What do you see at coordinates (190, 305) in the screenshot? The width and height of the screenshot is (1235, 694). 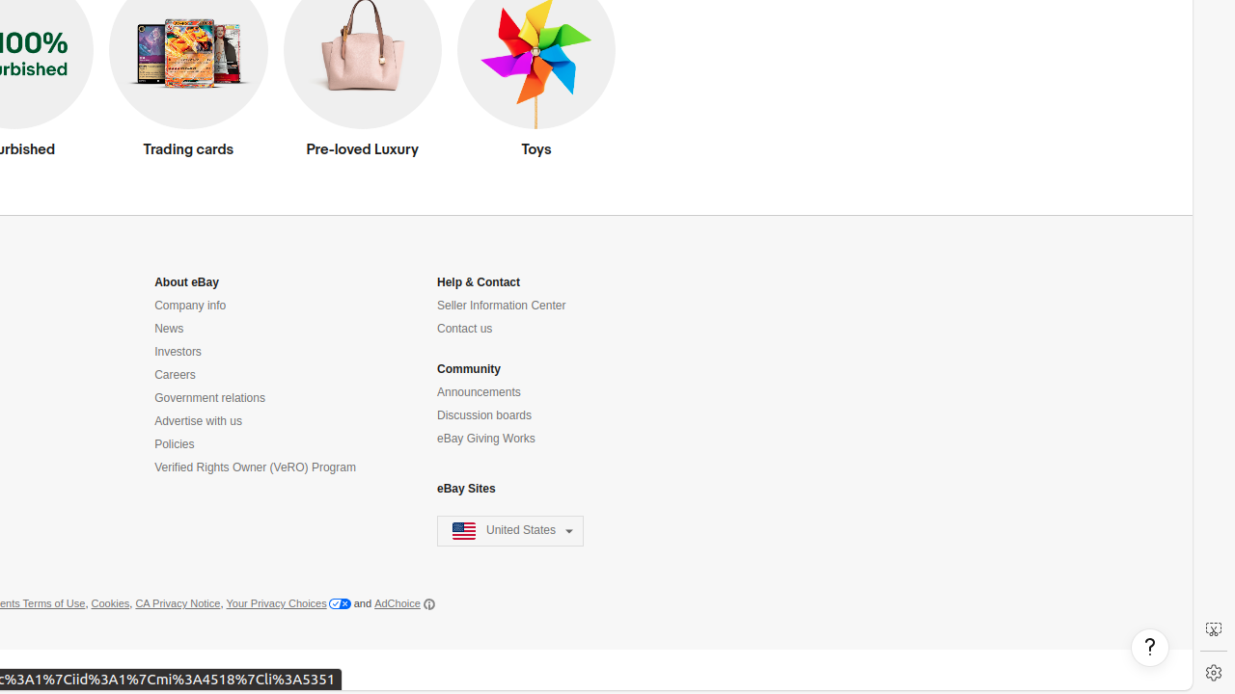 I see `'Company info'` at bounding box center [190, 305].